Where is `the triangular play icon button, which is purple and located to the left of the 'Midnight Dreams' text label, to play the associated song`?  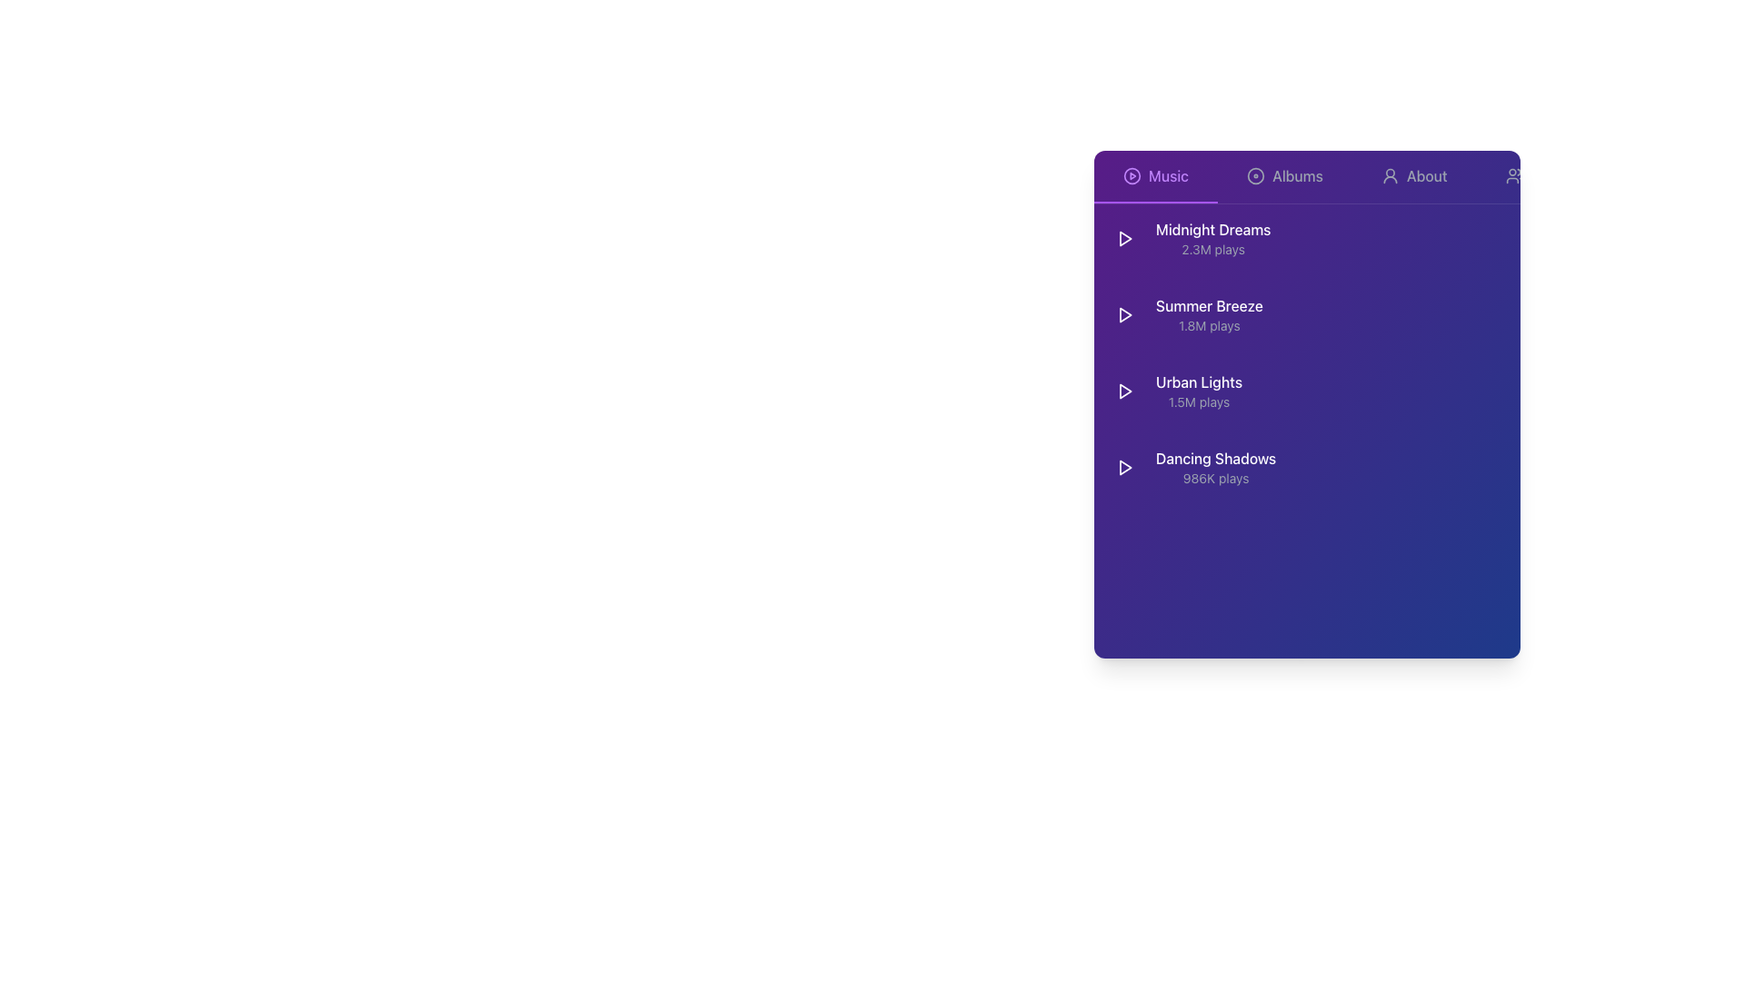 the triangular play icon button, which is purple and located to the left of the 'Midnight Dreams' text label, to play the associated song is located at coordinates (1124, 237).